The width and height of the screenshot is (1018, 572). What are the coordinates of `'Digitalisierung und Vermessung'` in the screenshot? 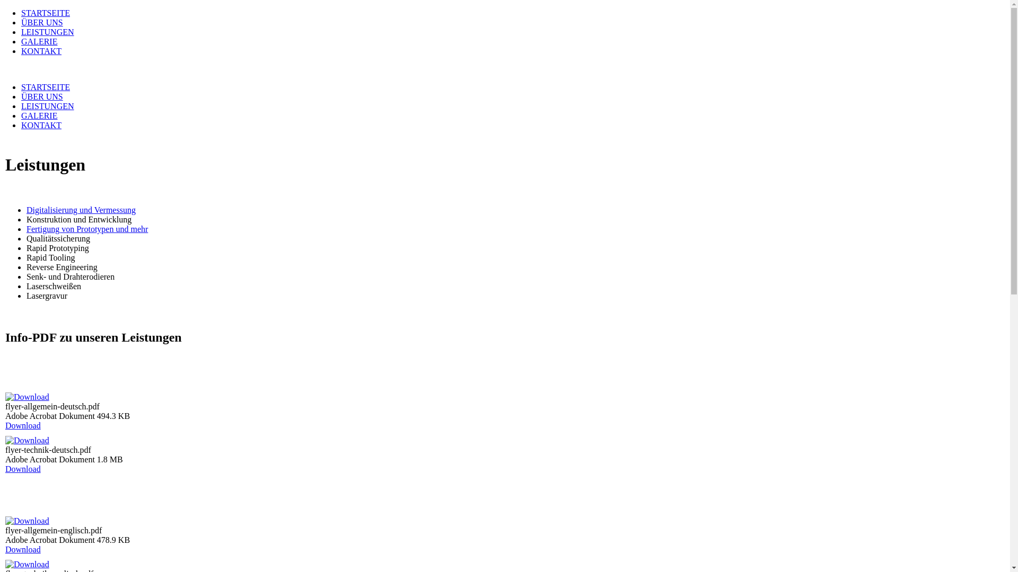 It's located at (81, 210).